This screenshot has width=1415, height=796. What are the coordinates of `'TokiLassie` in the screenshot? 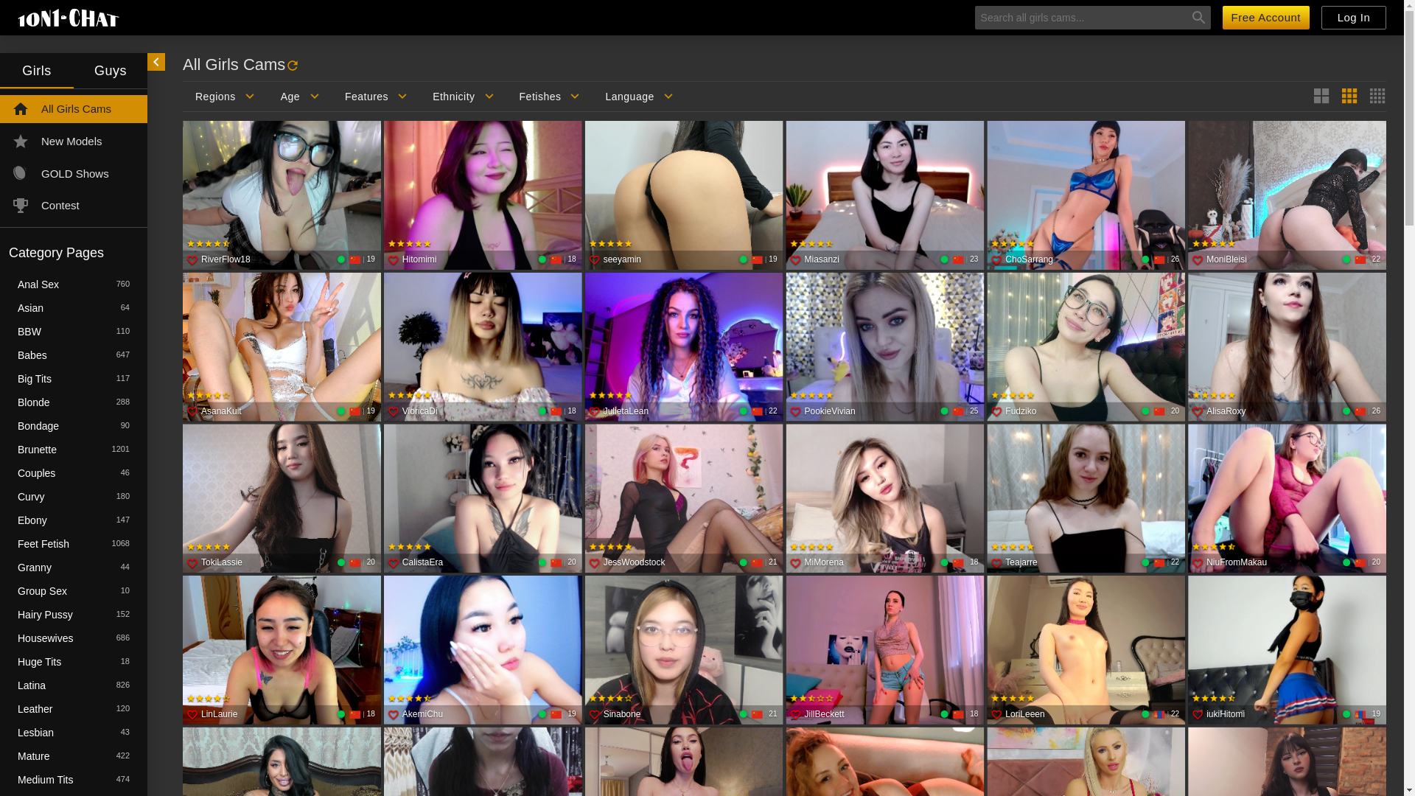 It's located at (182, 498).